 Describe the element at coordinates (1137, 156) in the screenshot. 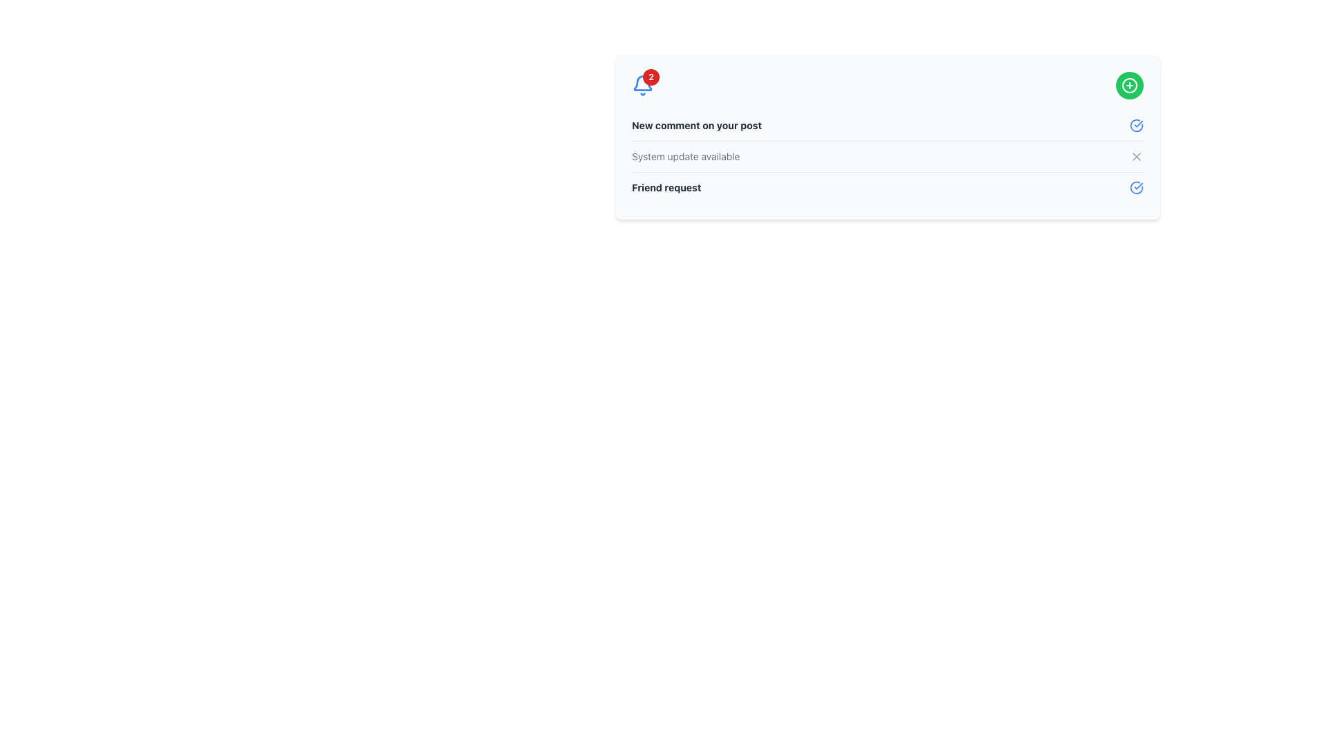

I see `the 'X' symbol icon located to the far right of the 'System update available' text` at that location.